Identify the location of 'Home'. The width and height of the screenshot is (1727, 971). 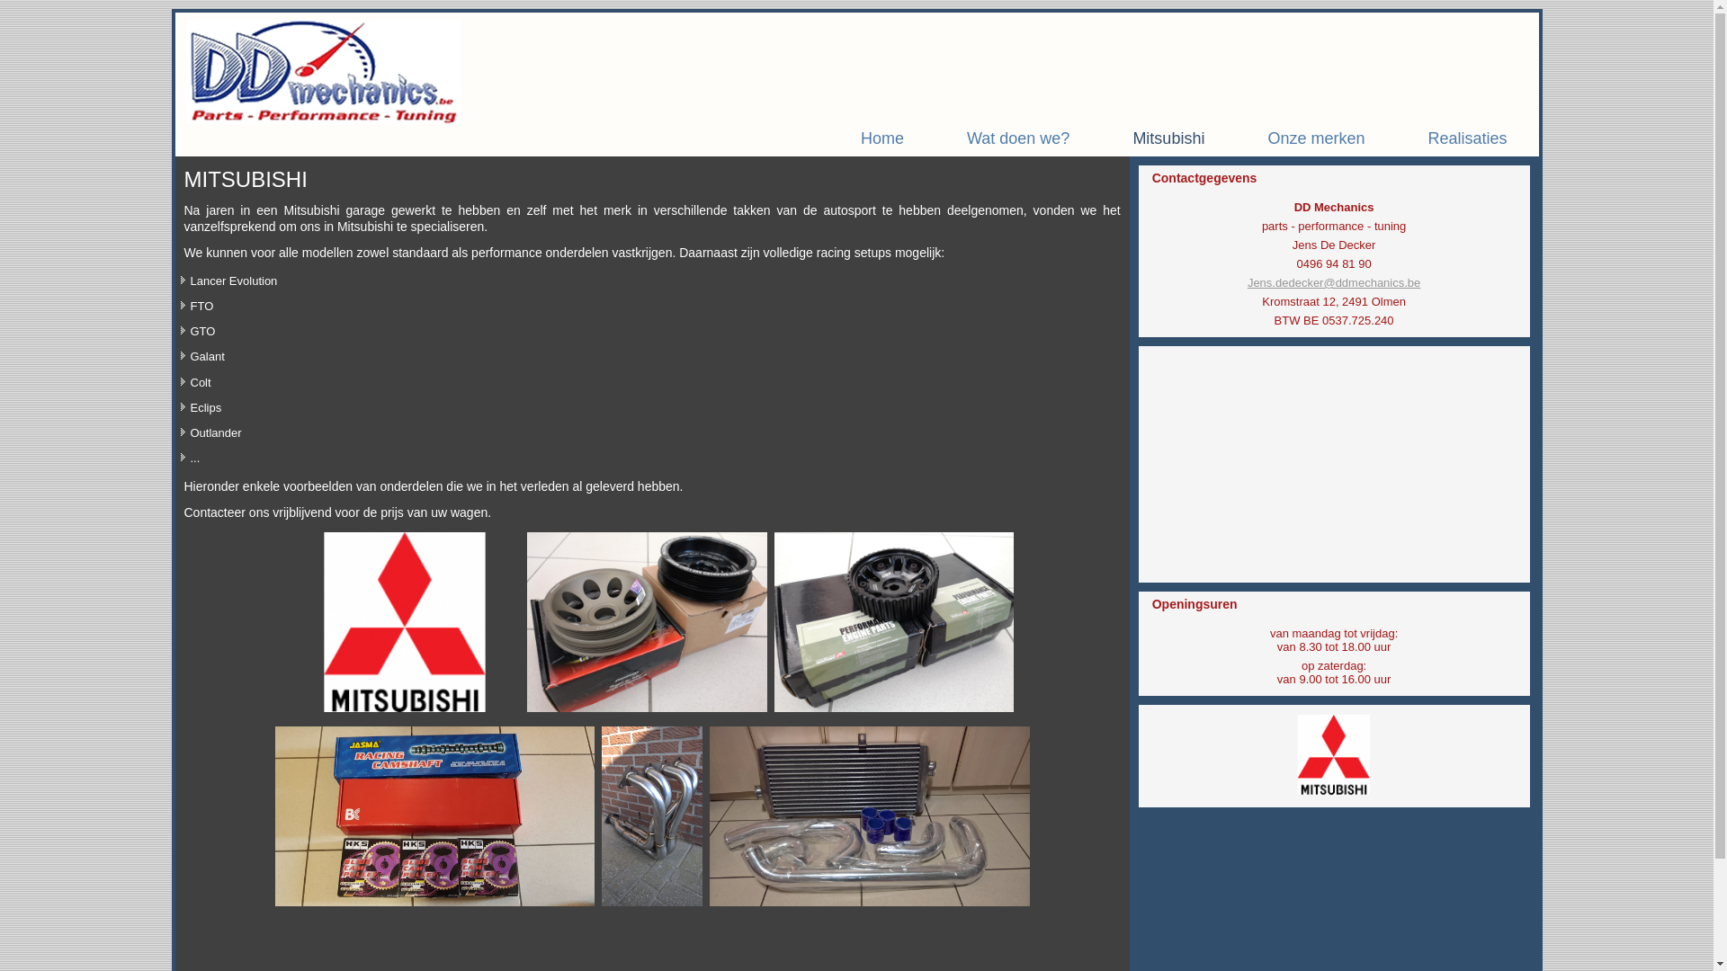
(881, 138).